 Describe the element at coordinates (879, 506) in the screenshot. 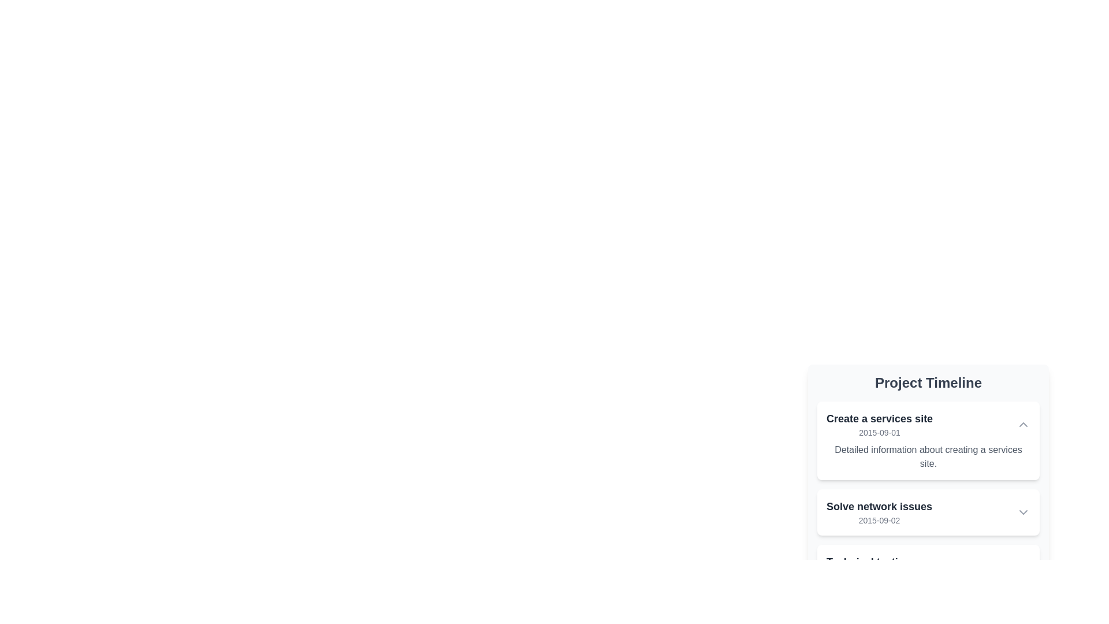

I see `the text label displaying 'Solve network issues' in a bold font` at that location.